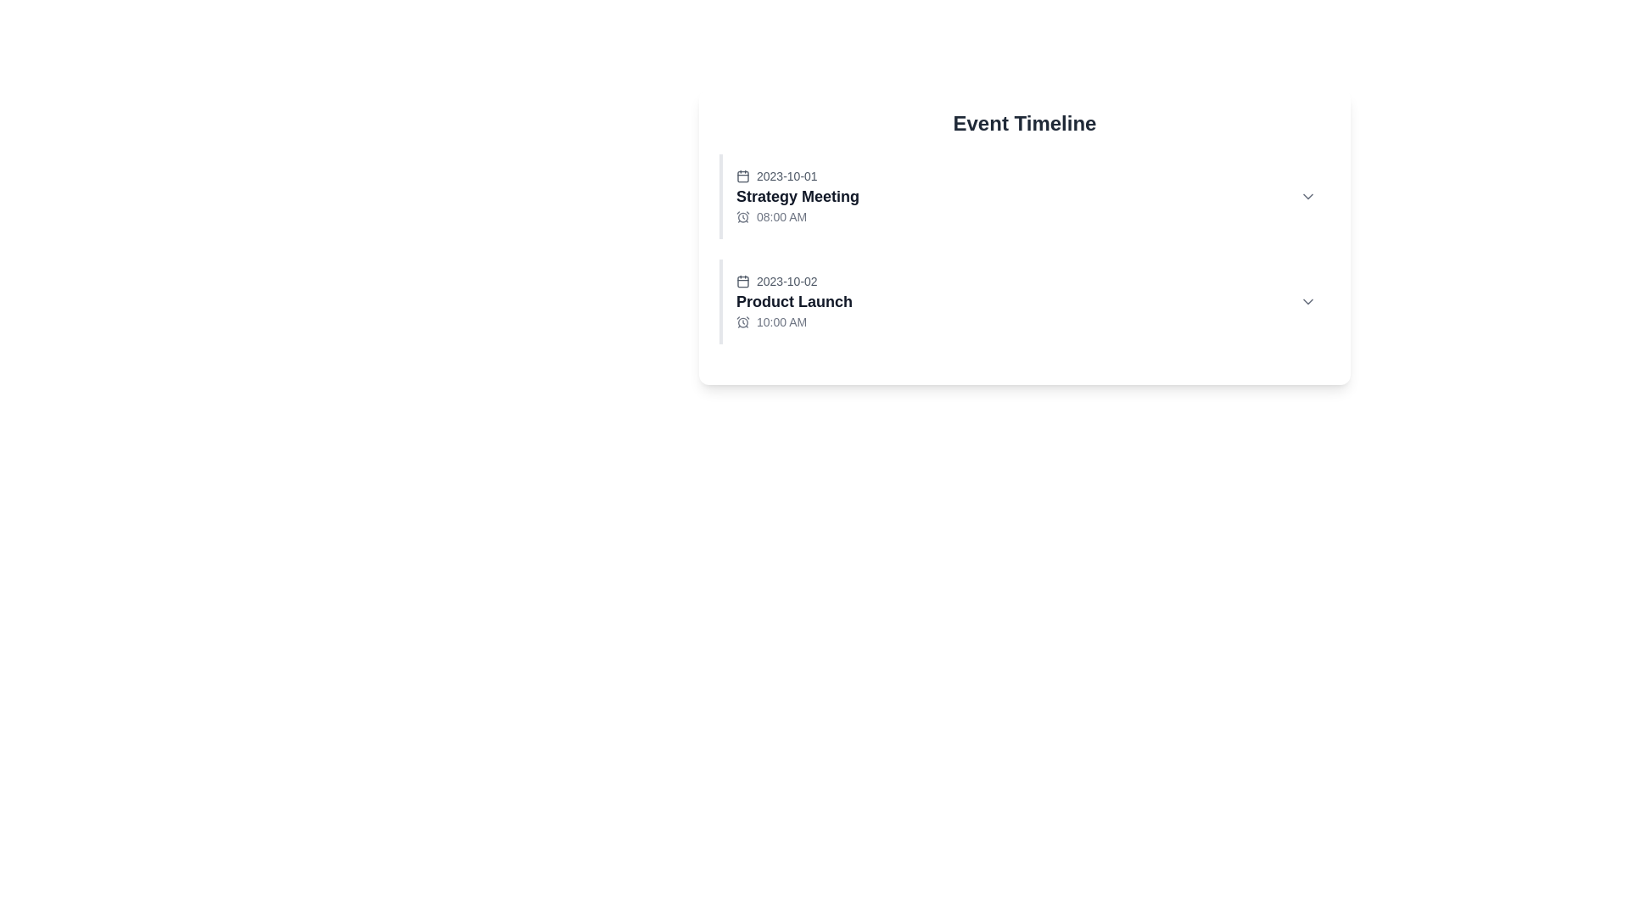 This screenshot has height=916, width=1629. What do you see at coordinates (793, 322) in the screenshot?
I see `time displayed on the label showing '10:00 AM', which is located below the 'Product Launch' title and has an alarm clock icon to its left` at bounding box center [793, 322].